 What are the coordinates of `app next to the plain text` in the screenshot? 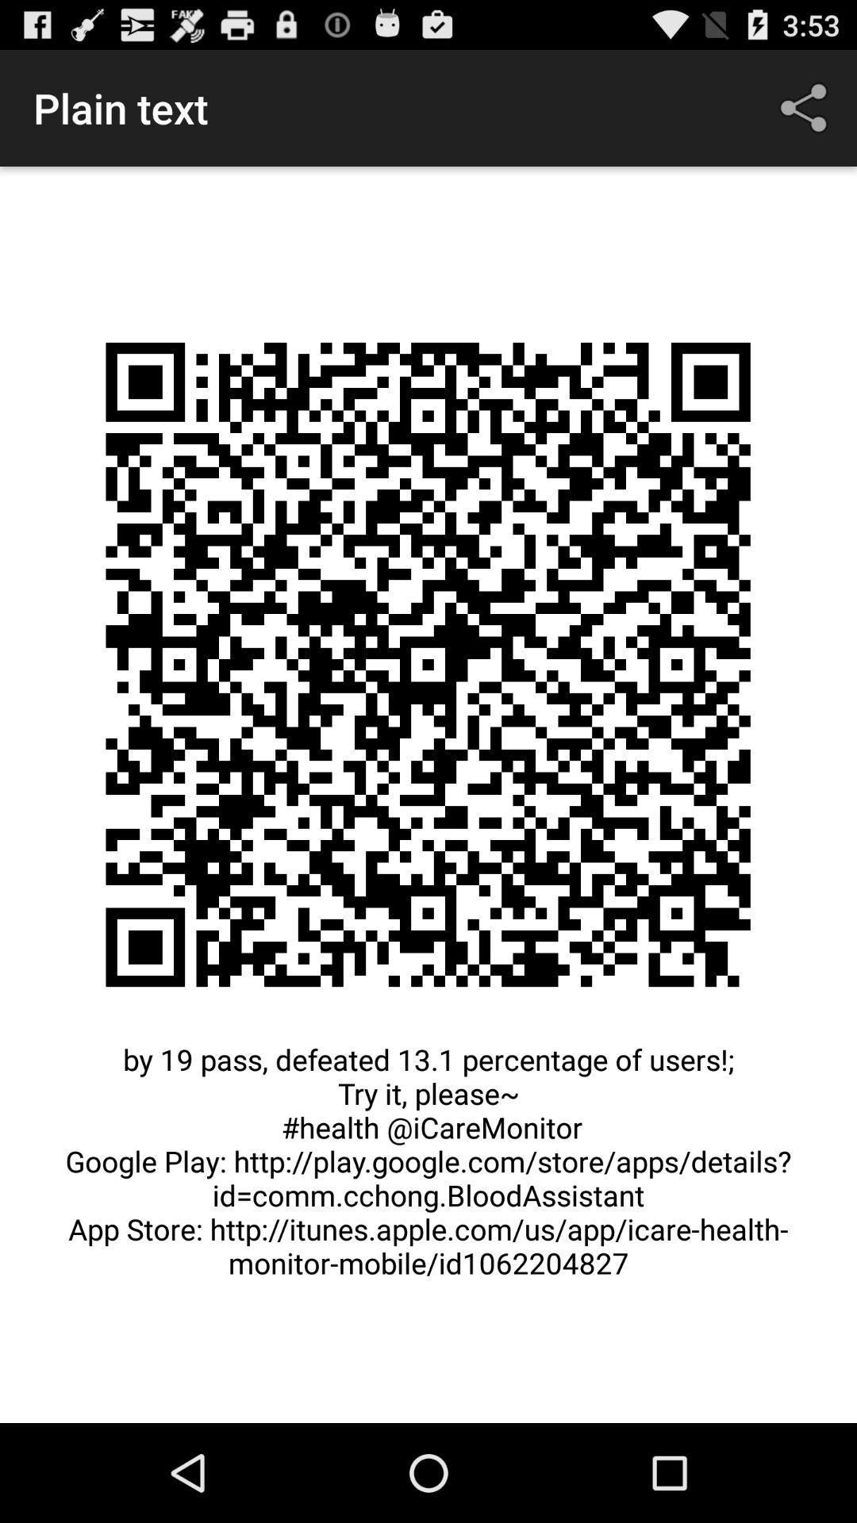 It's located at (807, 107).